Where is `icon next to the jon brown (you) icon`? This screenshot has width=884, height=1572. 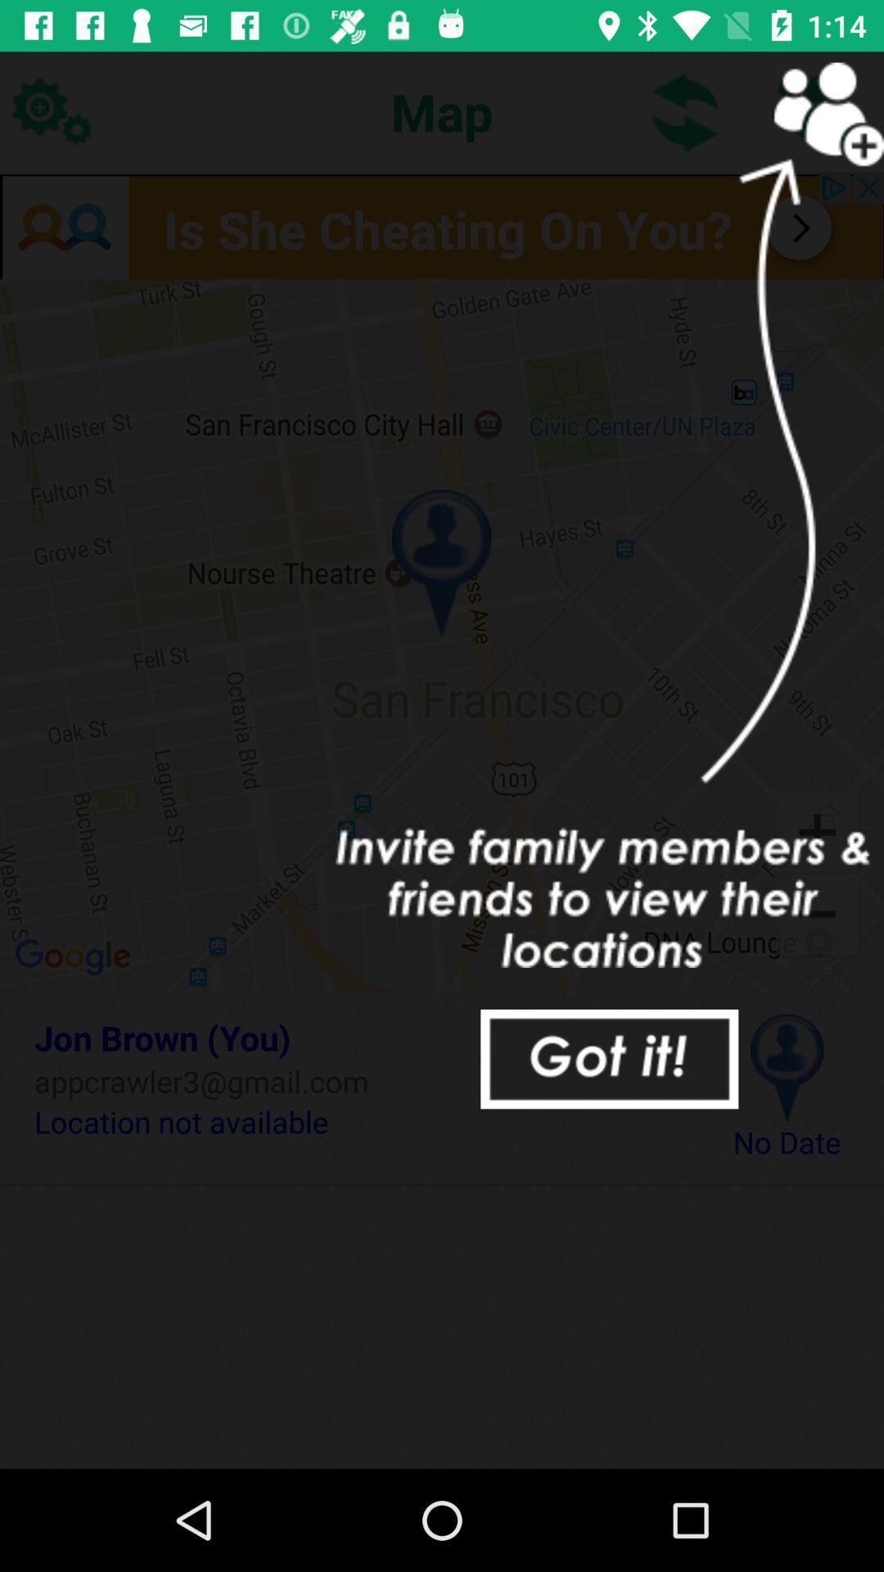
icon next to the jon brown (you) icon is located at coordinates (786, 1068).